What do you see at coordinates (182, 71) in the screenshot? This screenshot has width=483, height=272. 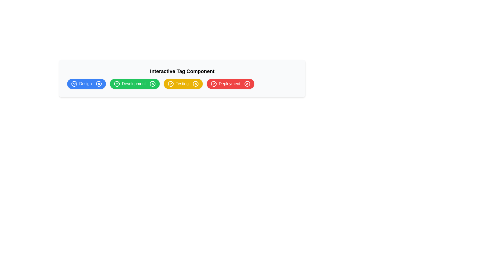 I see `the text label titled 'Interactive Tag Component'` at bounding box center [182, 71].